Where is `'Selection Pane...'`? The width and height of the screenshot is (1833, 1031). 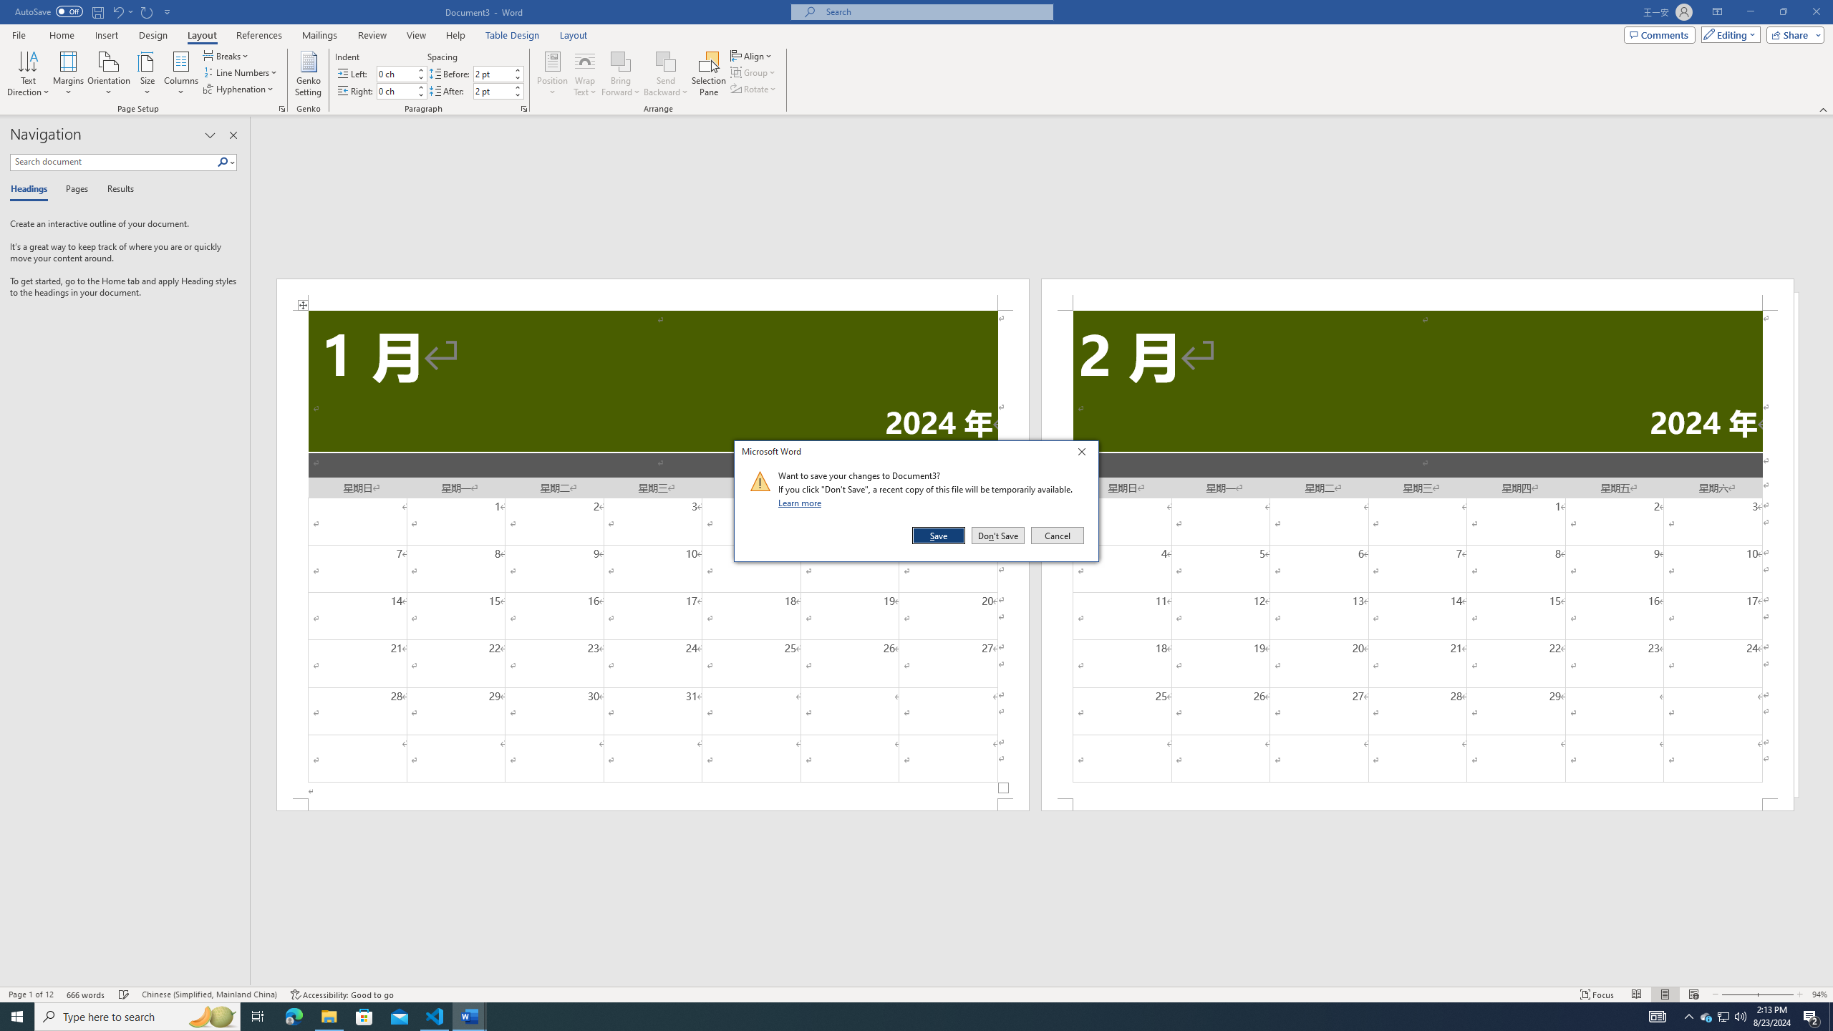 'Selection Pane...' is located at coordinates (709, 74).